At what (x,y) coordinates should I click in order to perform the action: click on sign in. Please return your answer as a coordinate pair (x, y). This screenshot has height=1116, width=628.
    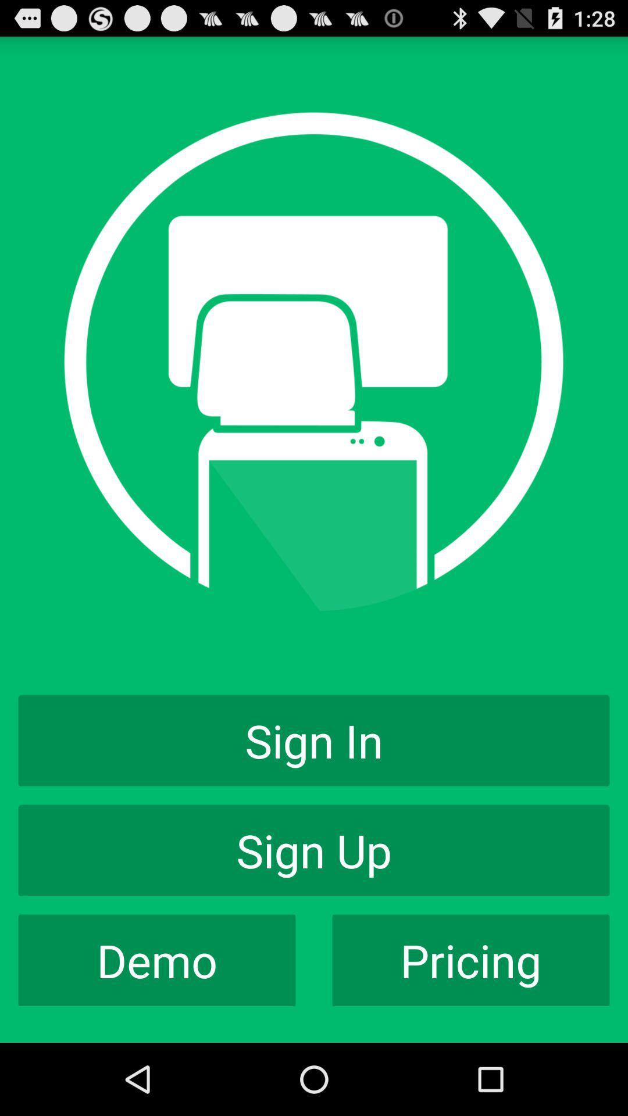
    Looking at the image, I should click on (314, 740).